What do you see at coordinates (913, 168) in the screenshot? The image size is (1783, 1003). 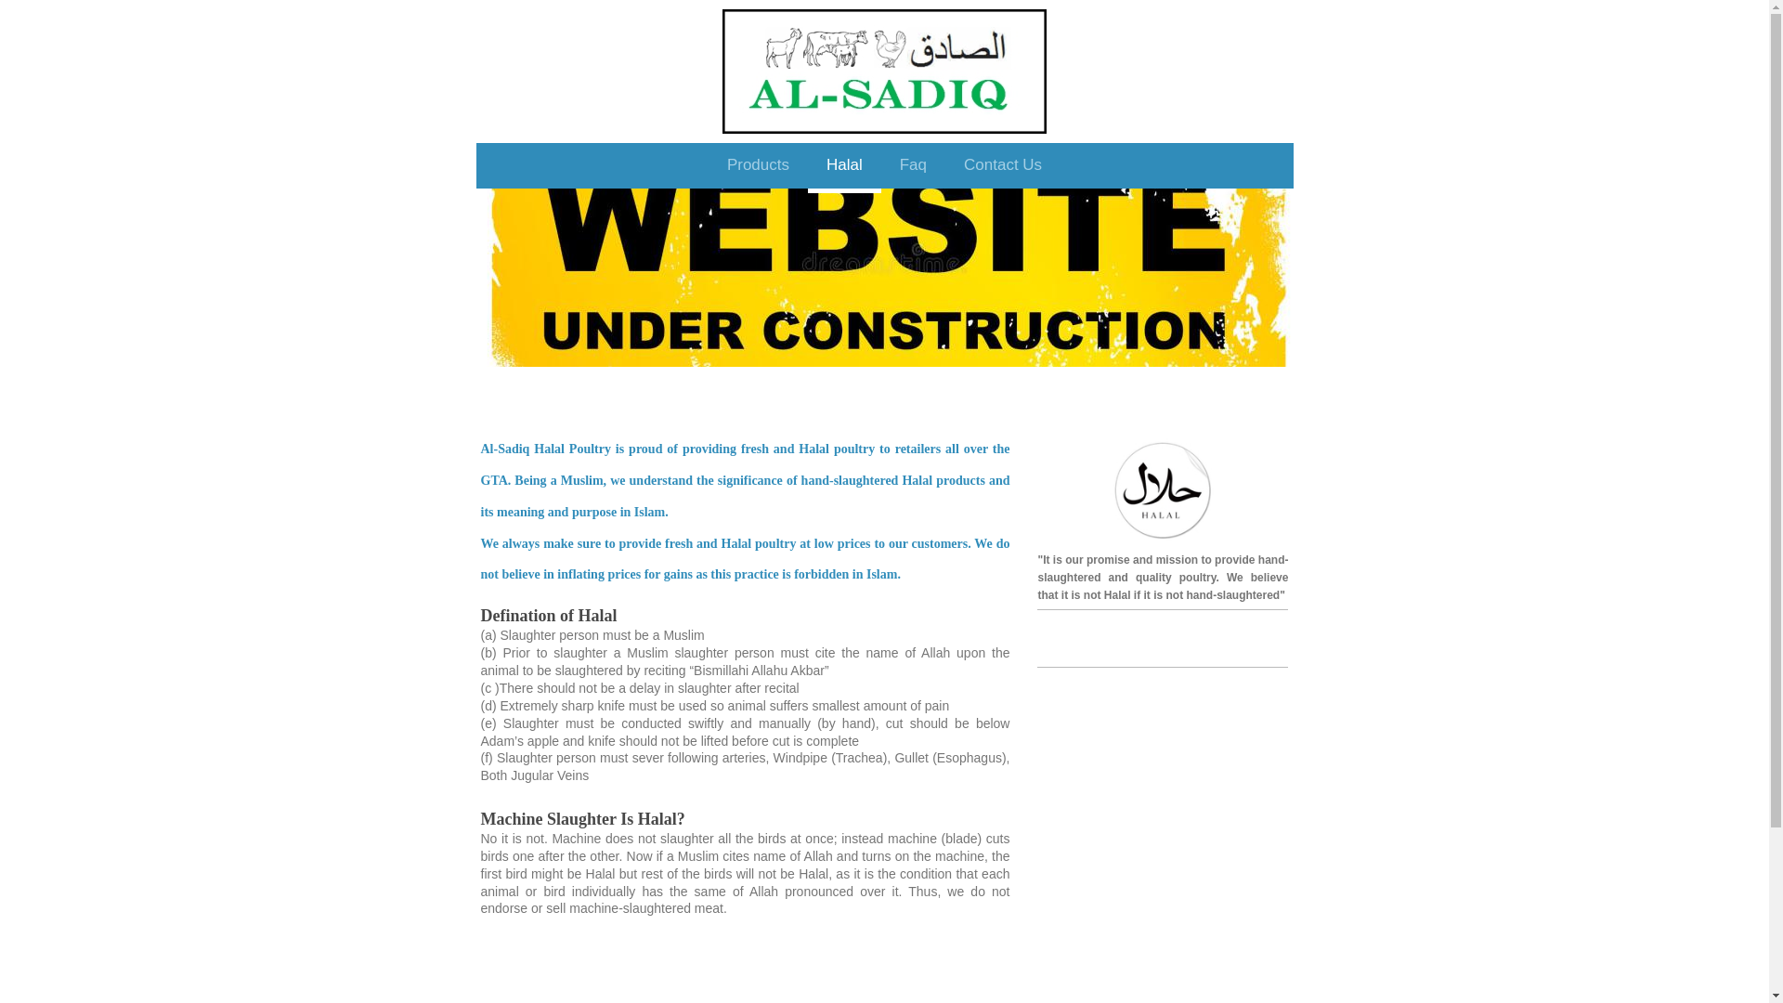 I see `'Faq'` at bounding box center [913, 168].